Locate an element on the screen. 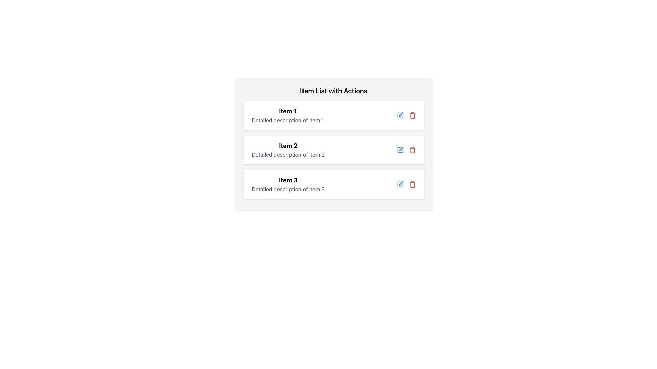  the horizontal divider line styled as a thin grey bar positioned between 'Item 2' and 'Item 3' is located at coordinates (334, 167).